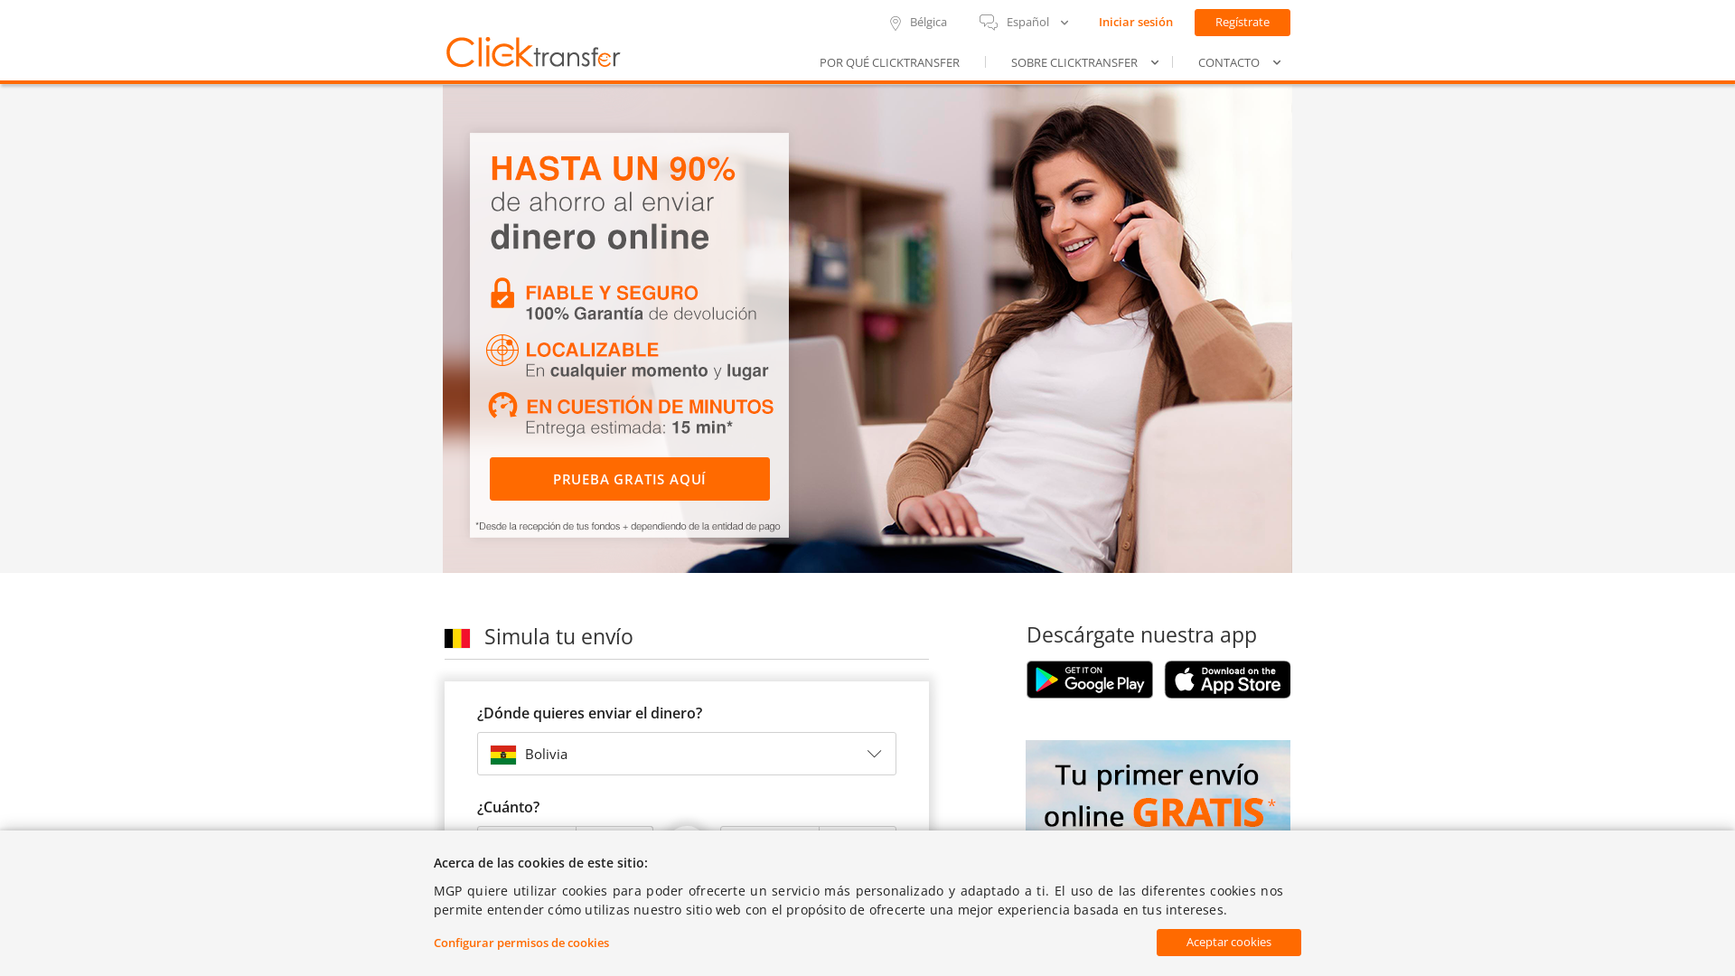 The image size is (1735, 976). I want to click on 'SOBRE CLICKTRANSFER', so click(1079, 61).